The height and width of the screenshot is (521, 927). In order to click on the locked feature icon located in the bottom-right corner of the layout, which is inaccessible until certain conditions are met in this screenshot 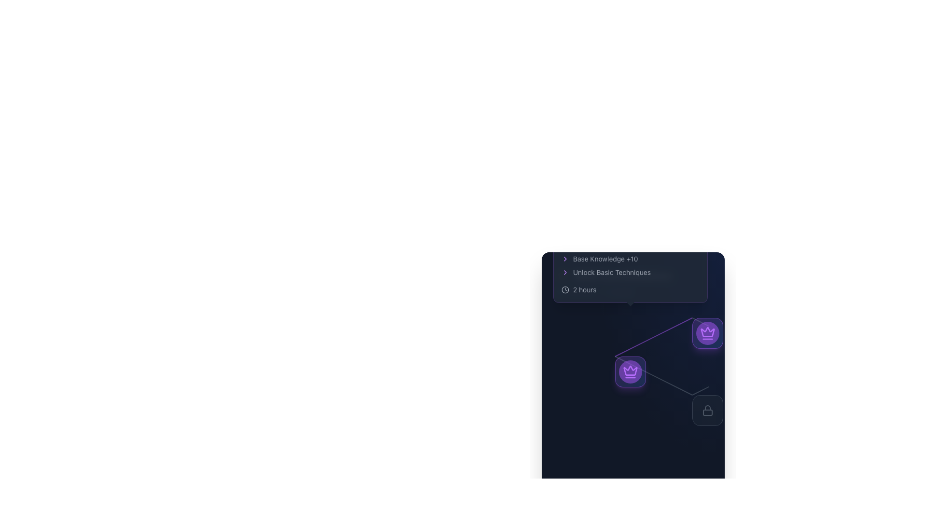, I will do `click(707, 411)`.